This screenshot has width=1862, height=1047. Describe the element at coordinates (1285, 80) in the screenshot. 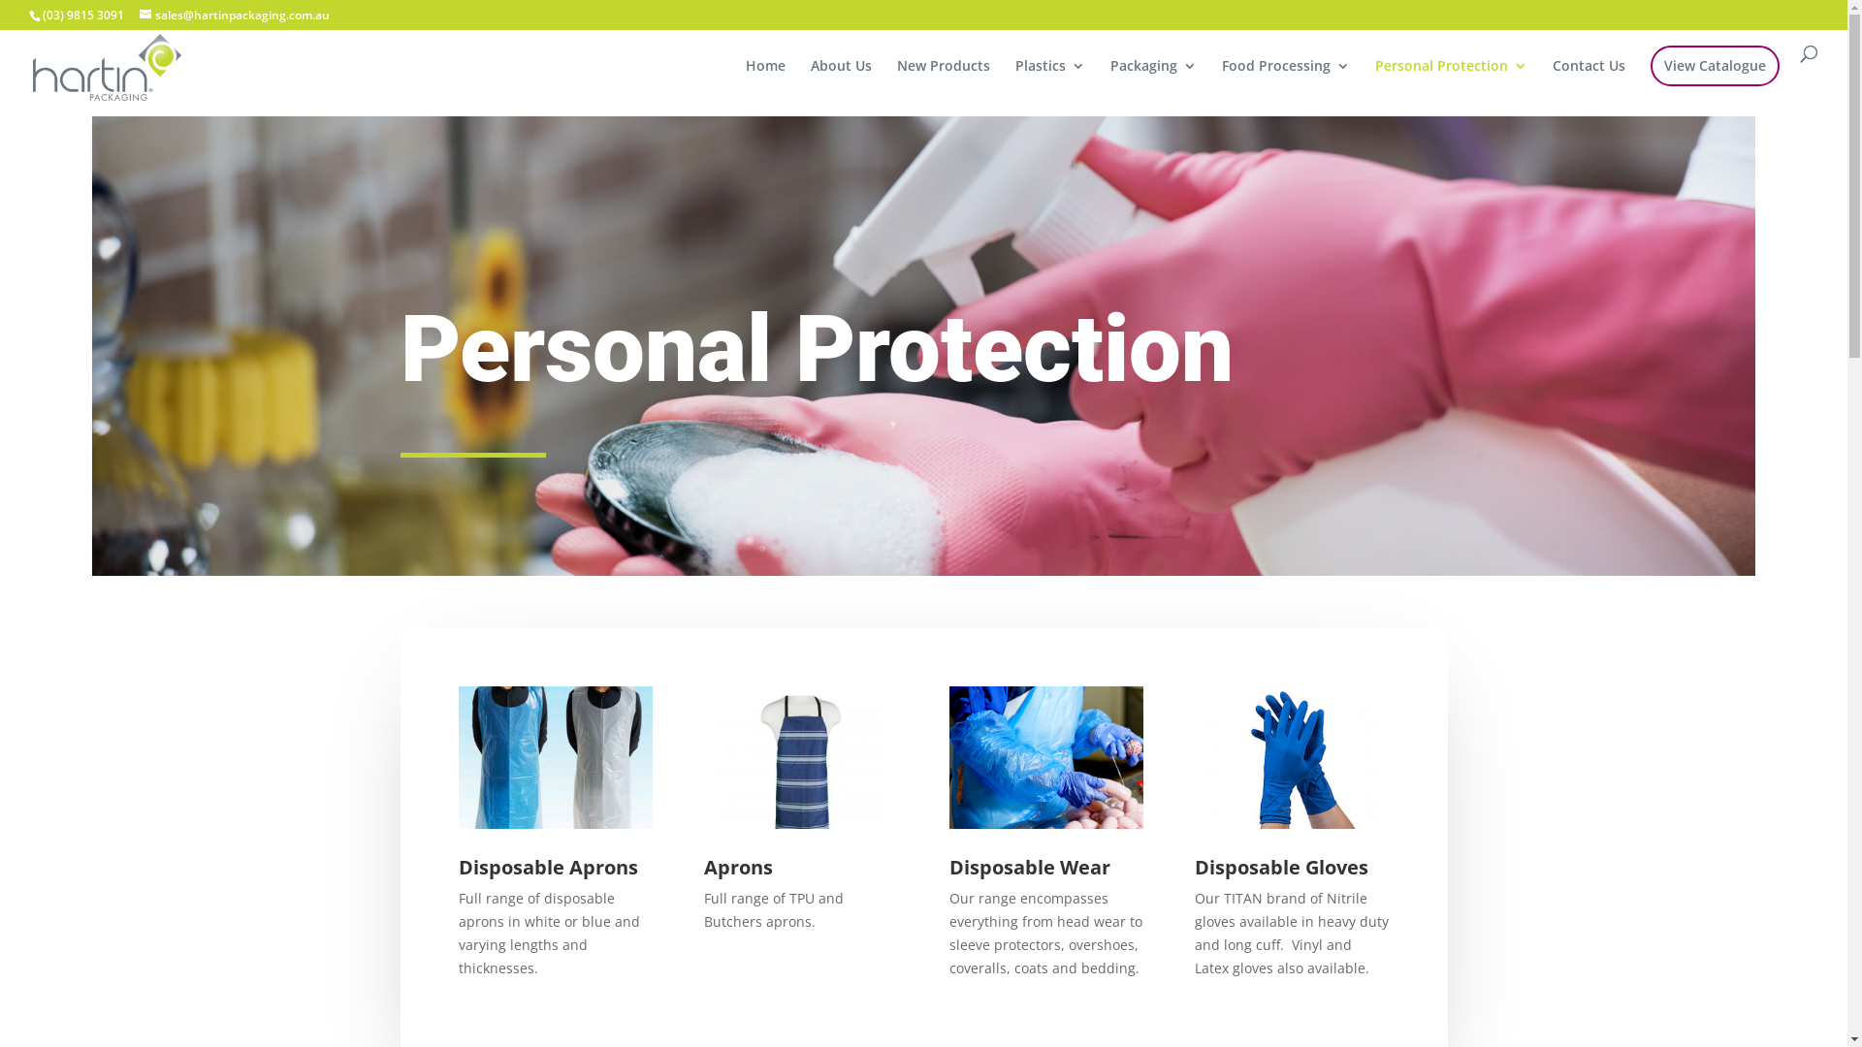

I see `'Food Processing'` at that location.